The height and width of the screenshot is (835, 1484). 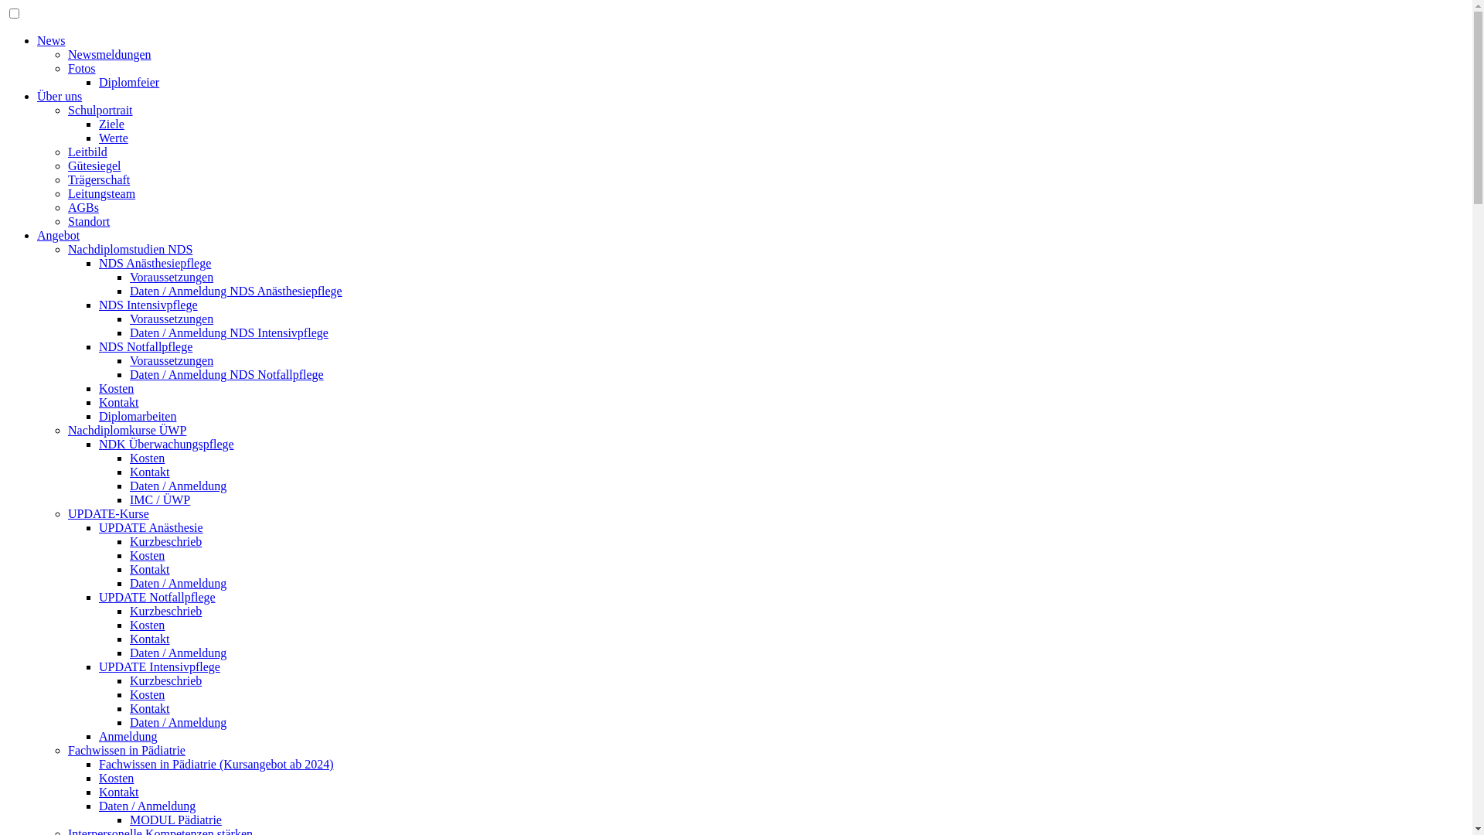 What do you see at coordinates (109, 53) in the screenshot?
I see `'Newsmeldungen'` at bounding box center [109, 53].